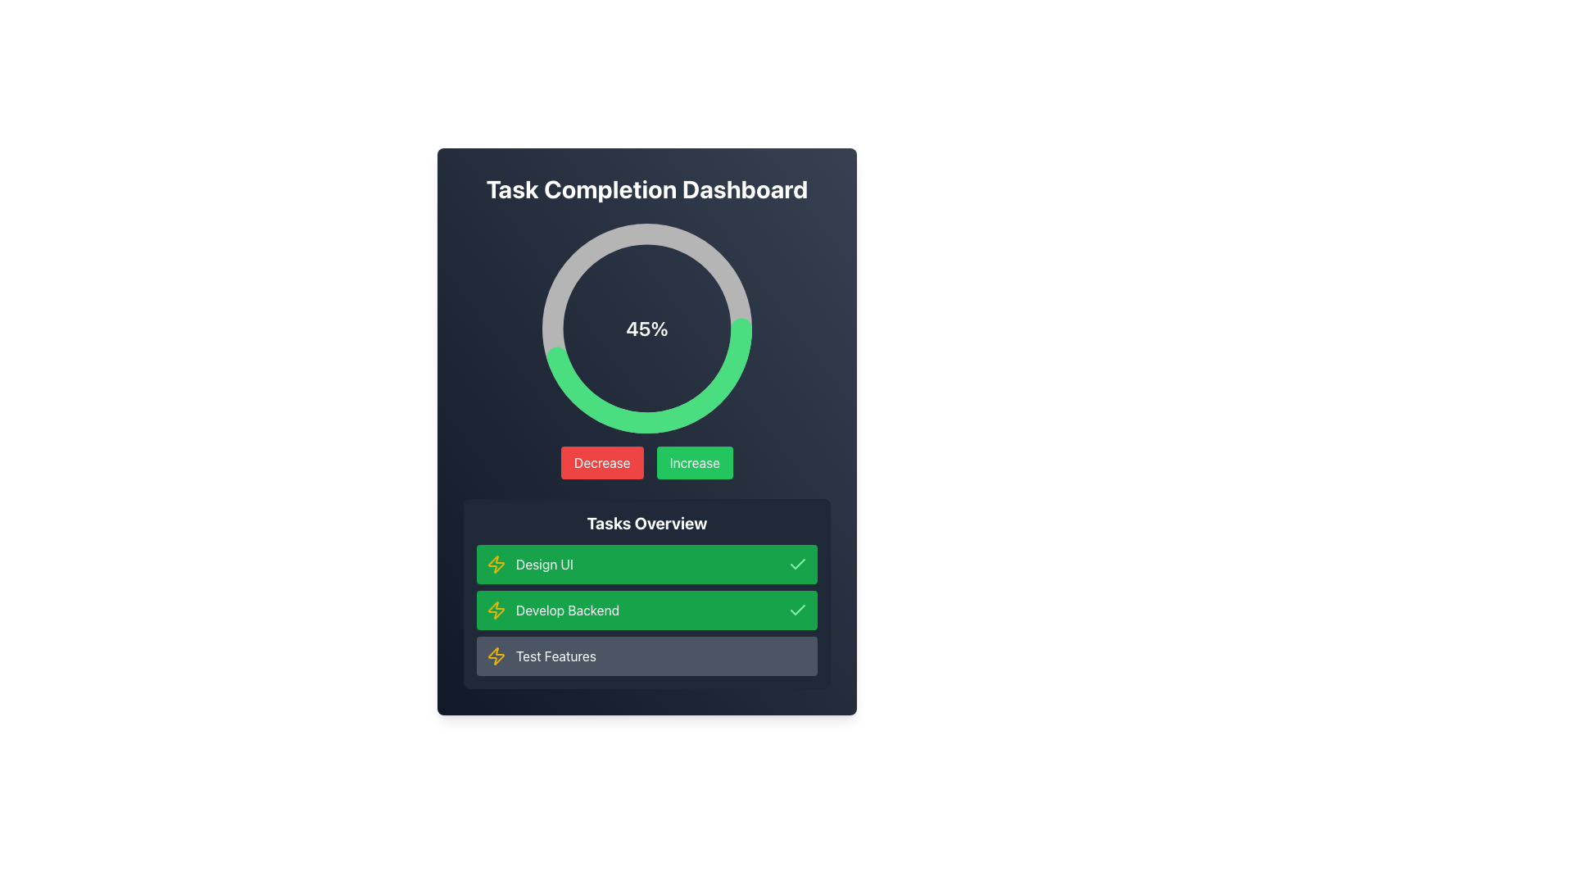 This screenshot has width=1573, height=885. What do you see at coordinates (646, 188) in the screenshot?
I see `the header text element that serves as the title for the dashboard section, positioned above the circular progress chart labeled '45%'` at bounding box center [646, 188].